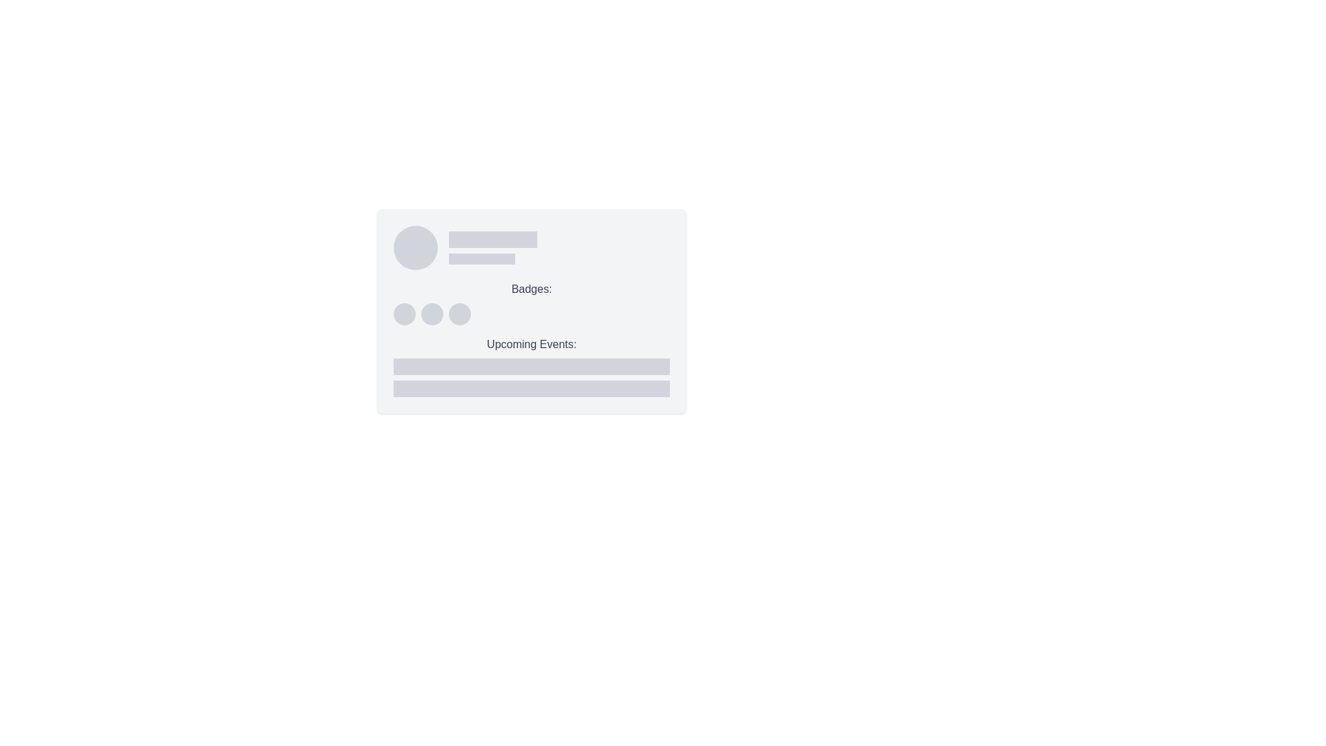 Image resolution: width=1326 pixels, height=746 pixels. Describe the element at coordinates (530, 343) in the screenshot. I see `the text label displaying 'Upcoming Events:' which is styled in gray and positioned between 'Badges:' and upcoming event entries` at that location.